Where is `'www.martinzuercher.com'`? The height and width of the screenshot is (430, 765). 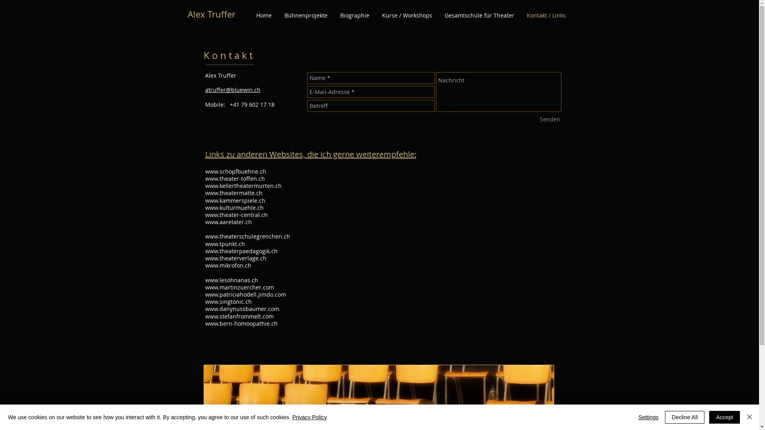
'www.martinzuercher.com' is located at coordinates (239, 287).